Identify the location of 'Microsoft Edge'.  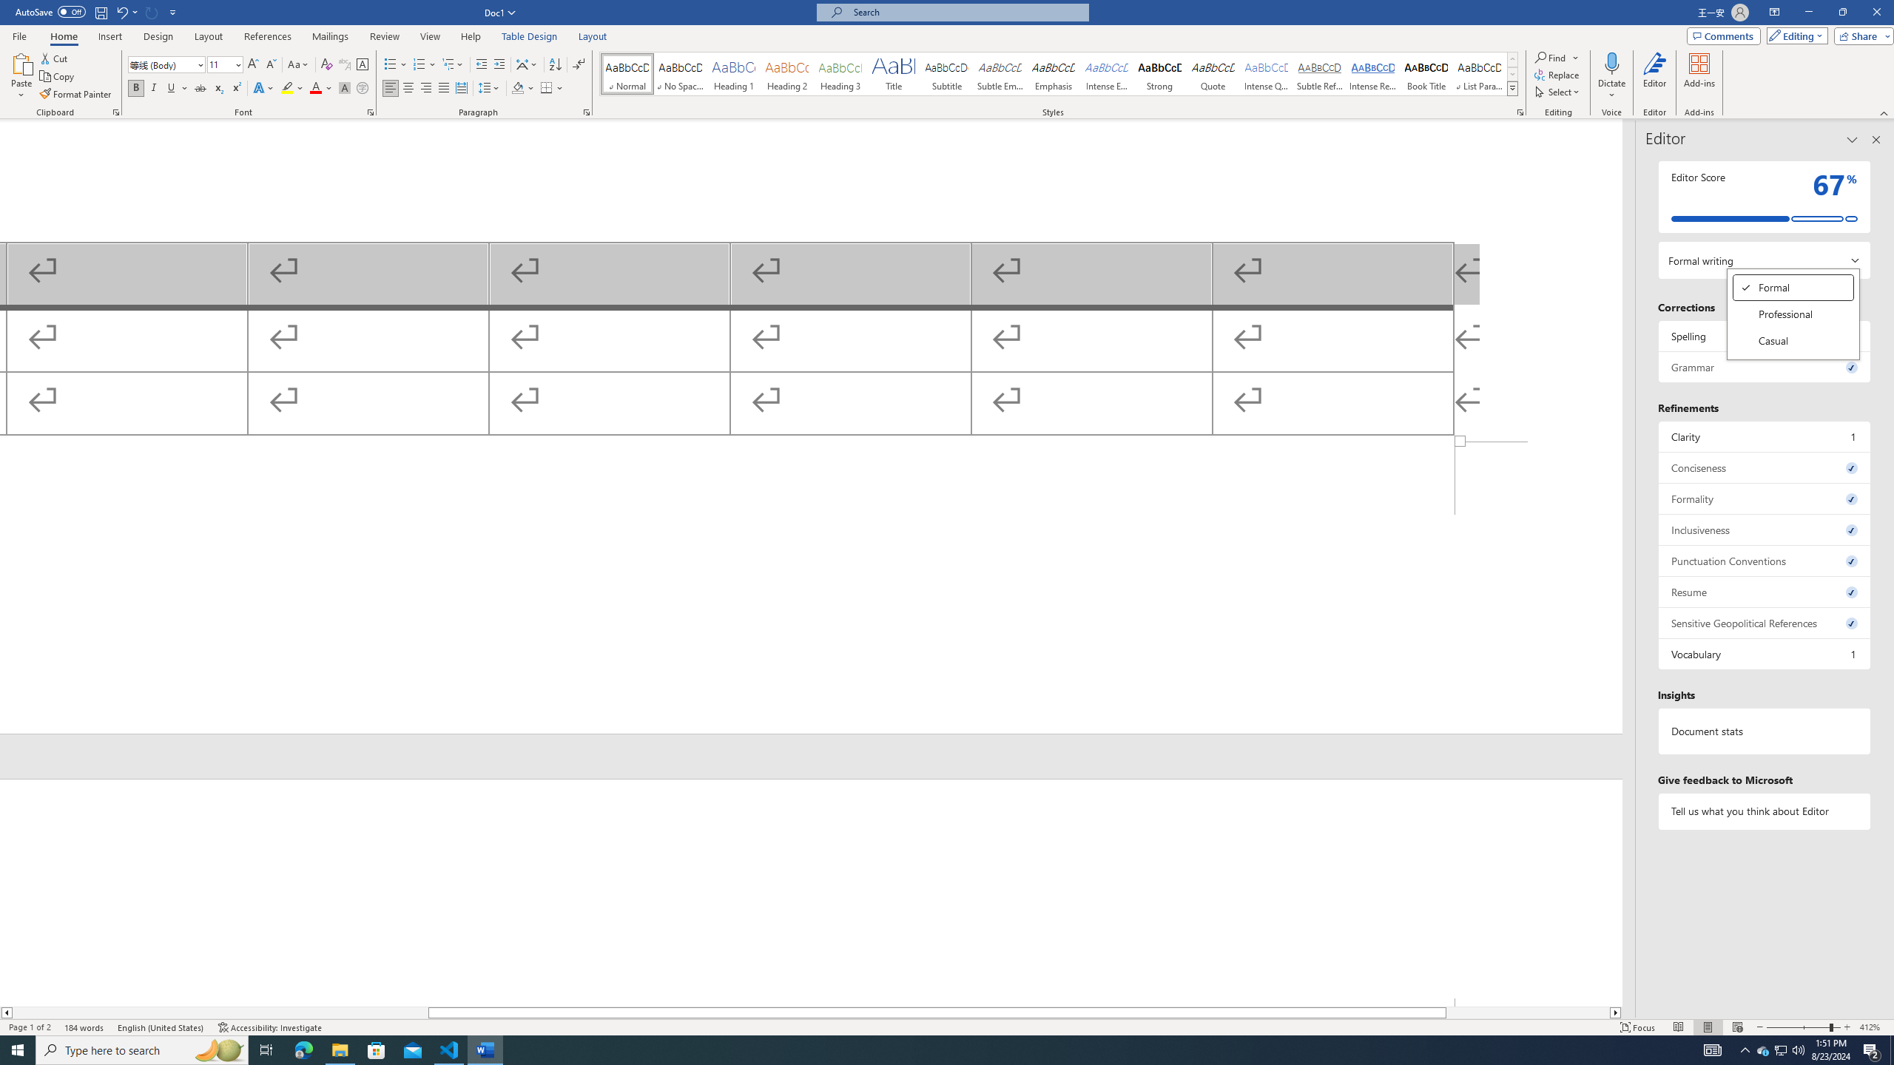
(303, 1049).